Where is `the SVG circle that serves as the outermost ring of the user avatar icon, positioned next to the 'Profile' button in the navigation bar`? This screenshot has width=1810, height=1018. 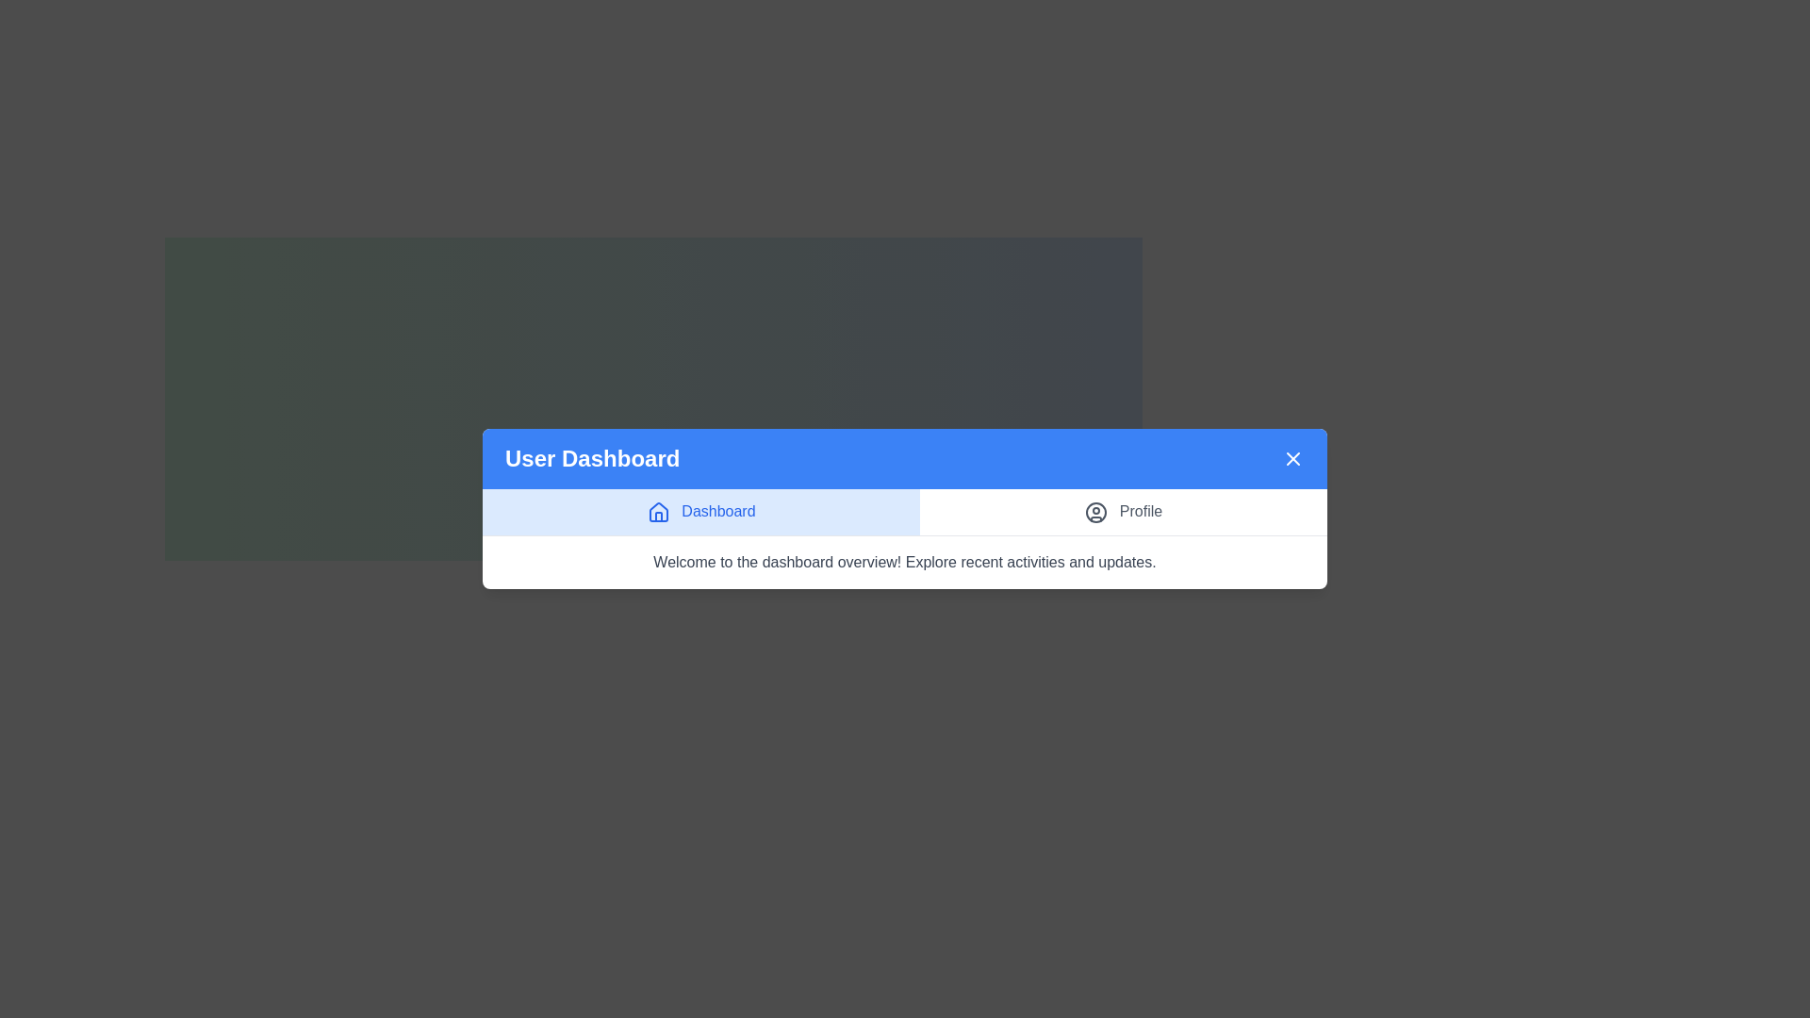
the SVG circle that serves as the outermost ring of the user avatar icon, positioned next to the 'Profile' button in the navigation bar is located at coordinates (1096, 512).